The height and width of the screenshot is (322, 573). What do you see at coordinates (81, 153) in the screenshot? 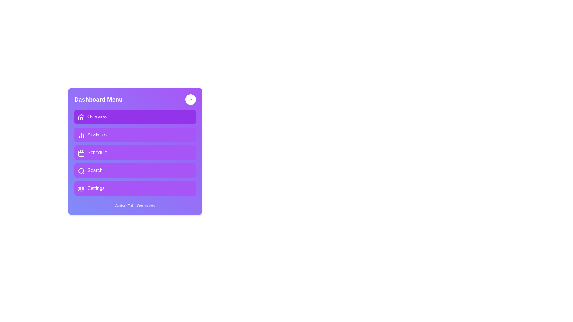
I see `the 'Schedule' icon in the vertical navigation menu` at bounding box center [81, 153].